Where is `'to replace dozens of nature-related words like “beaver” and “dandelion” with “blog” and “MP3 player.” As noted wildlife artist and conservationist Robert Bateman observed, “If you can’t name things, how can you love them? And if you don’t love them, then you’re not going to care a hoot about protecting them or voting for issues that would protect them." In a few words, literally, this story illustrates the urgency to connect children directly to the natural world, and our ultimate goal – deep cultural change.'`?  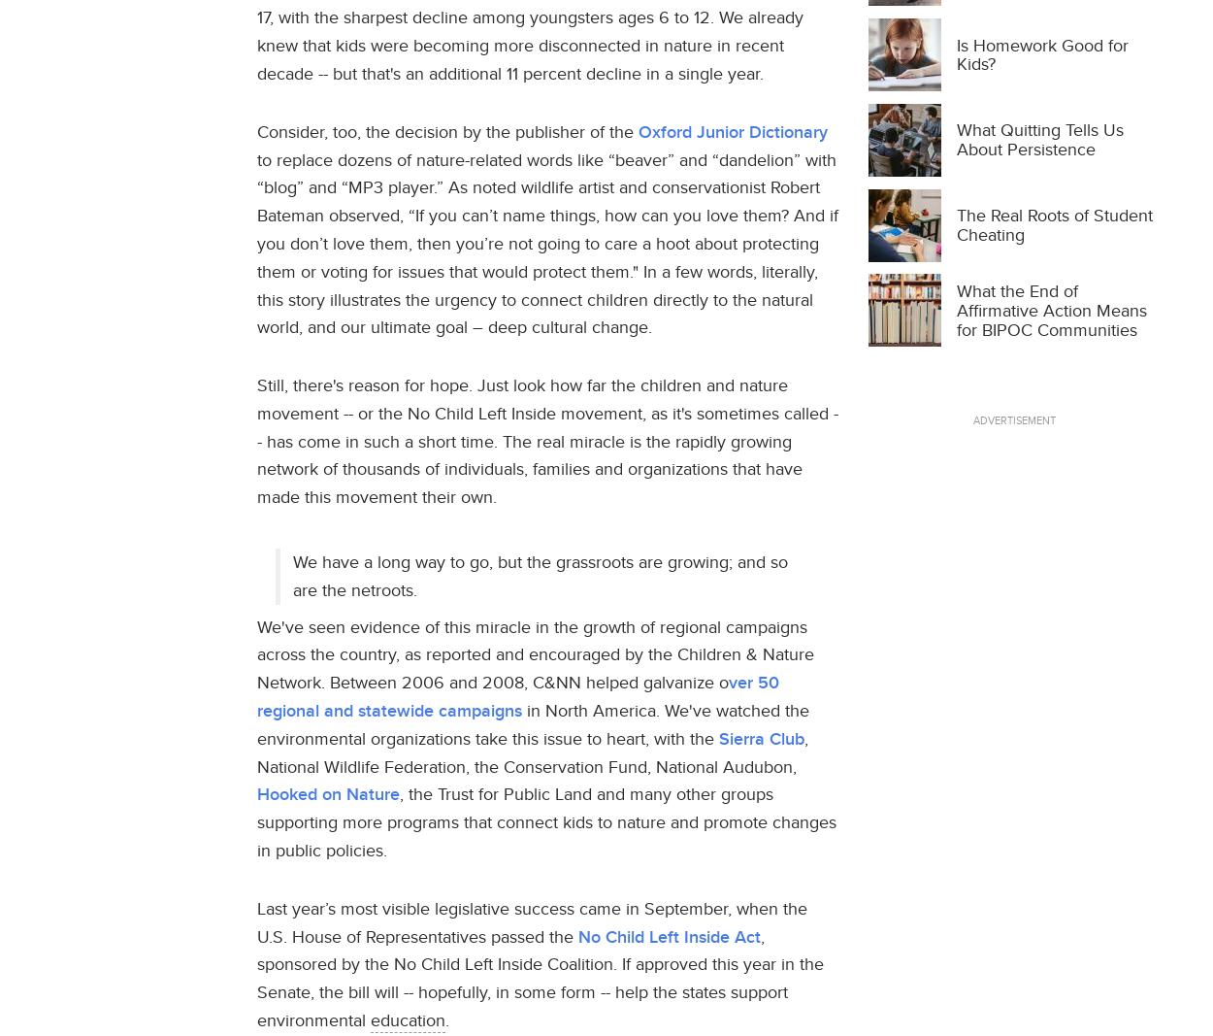 'to replace dozens of nature-related words like “beaver” and “dandelion” with “blog” and “MP3 player.” As noted wildlife artist and conservationist Robert Bateman observed, “If you can’t name things, how can you love them? And if you don’t love them, then you’re not going to care a hoot about protecting them or voting for issues that would protect them." In a few words, literally, this story illustrates the urgency to connect children directly to the natural world, and our ultimate goal – deep cultural change.' is located at coordinates (546, 242).